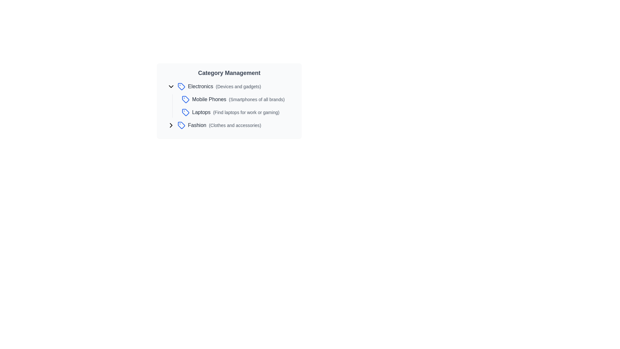 The height and width of the screenshot is (349, 620). I want to click on the static text label for 'Electronics', which is the first entry under the 'Category Management' header, to gather context about the category, so click(200, 86).